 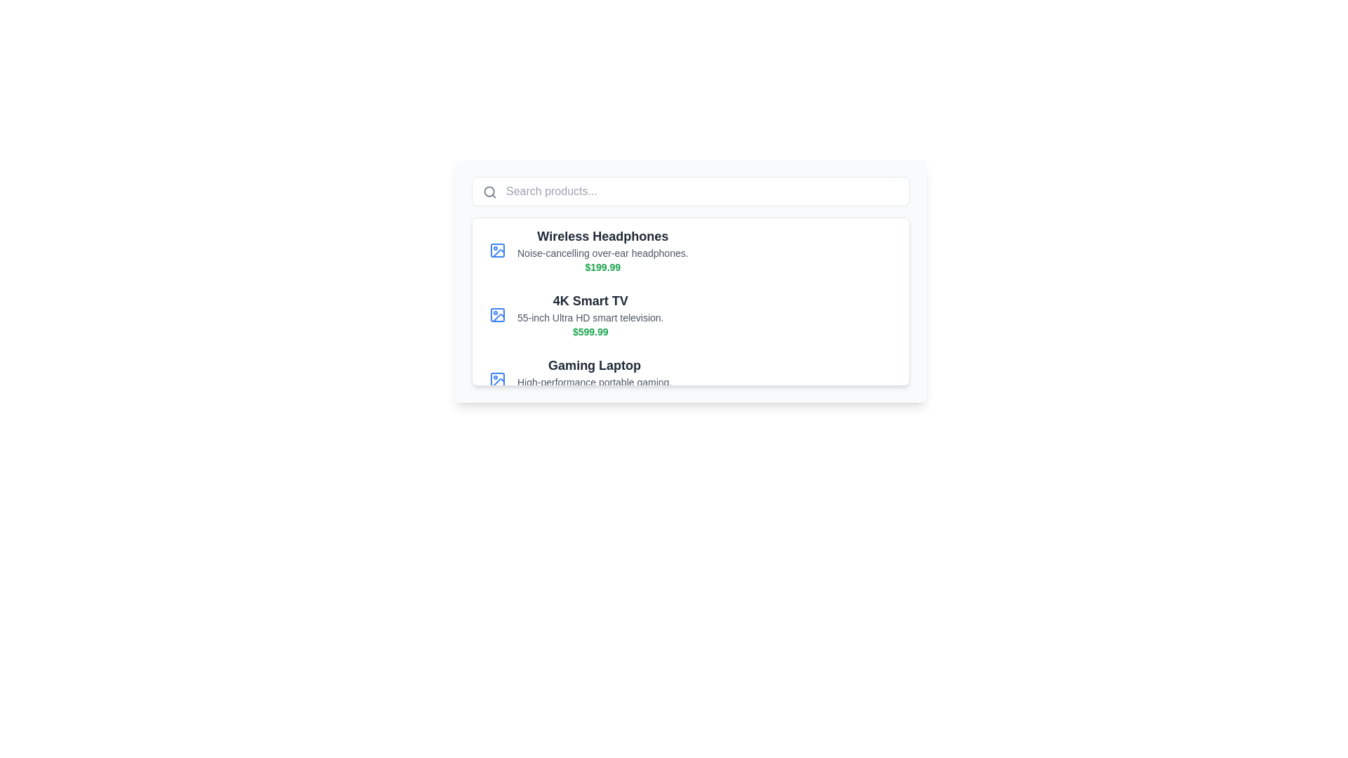 What do you see at coordinates (602, 235) in the screenshot?
I see `the bold title text 'Wireless Headphones' which is prominently displayed in dark gray or black at the top of its grouped section` at bounding box center [602, 235].